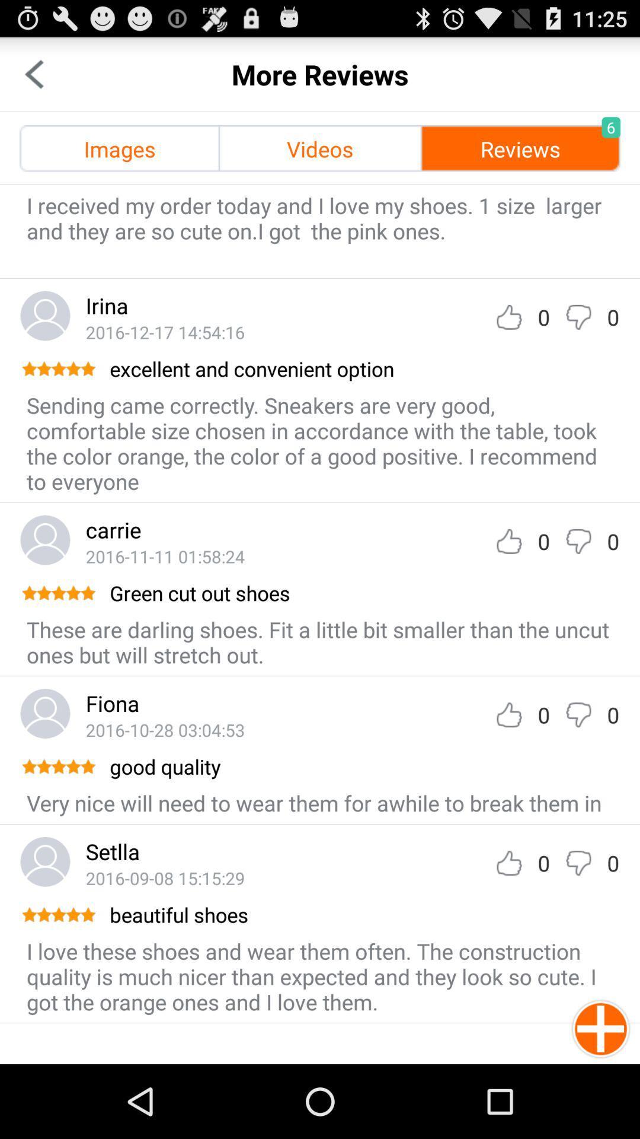 The image size is (640, 1139). Describe the element at coordinates (508, 863) in the screenshot. I see `like review` at that location.